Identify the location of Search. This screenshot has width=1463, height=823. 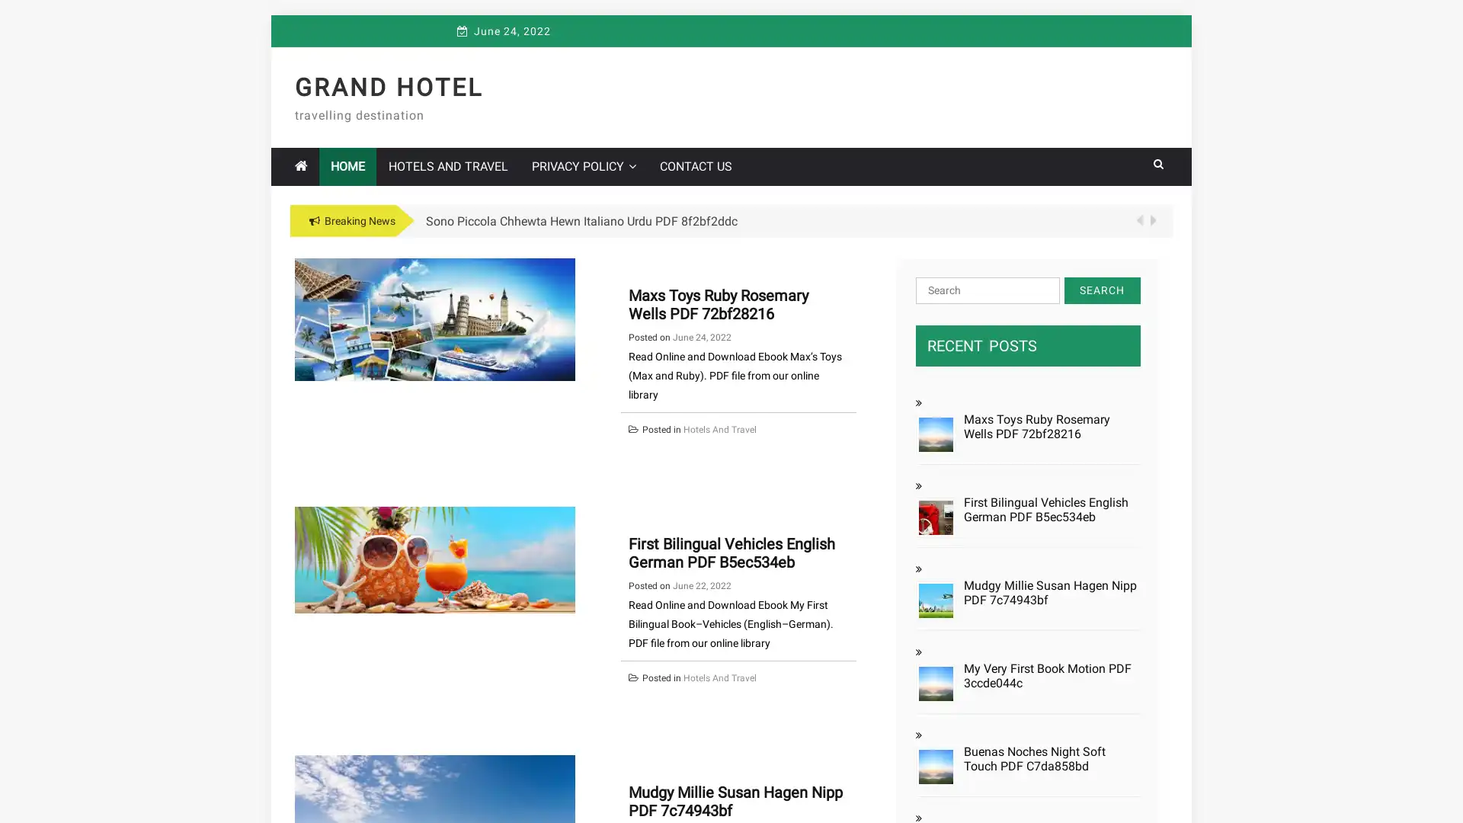
(1101, 290).